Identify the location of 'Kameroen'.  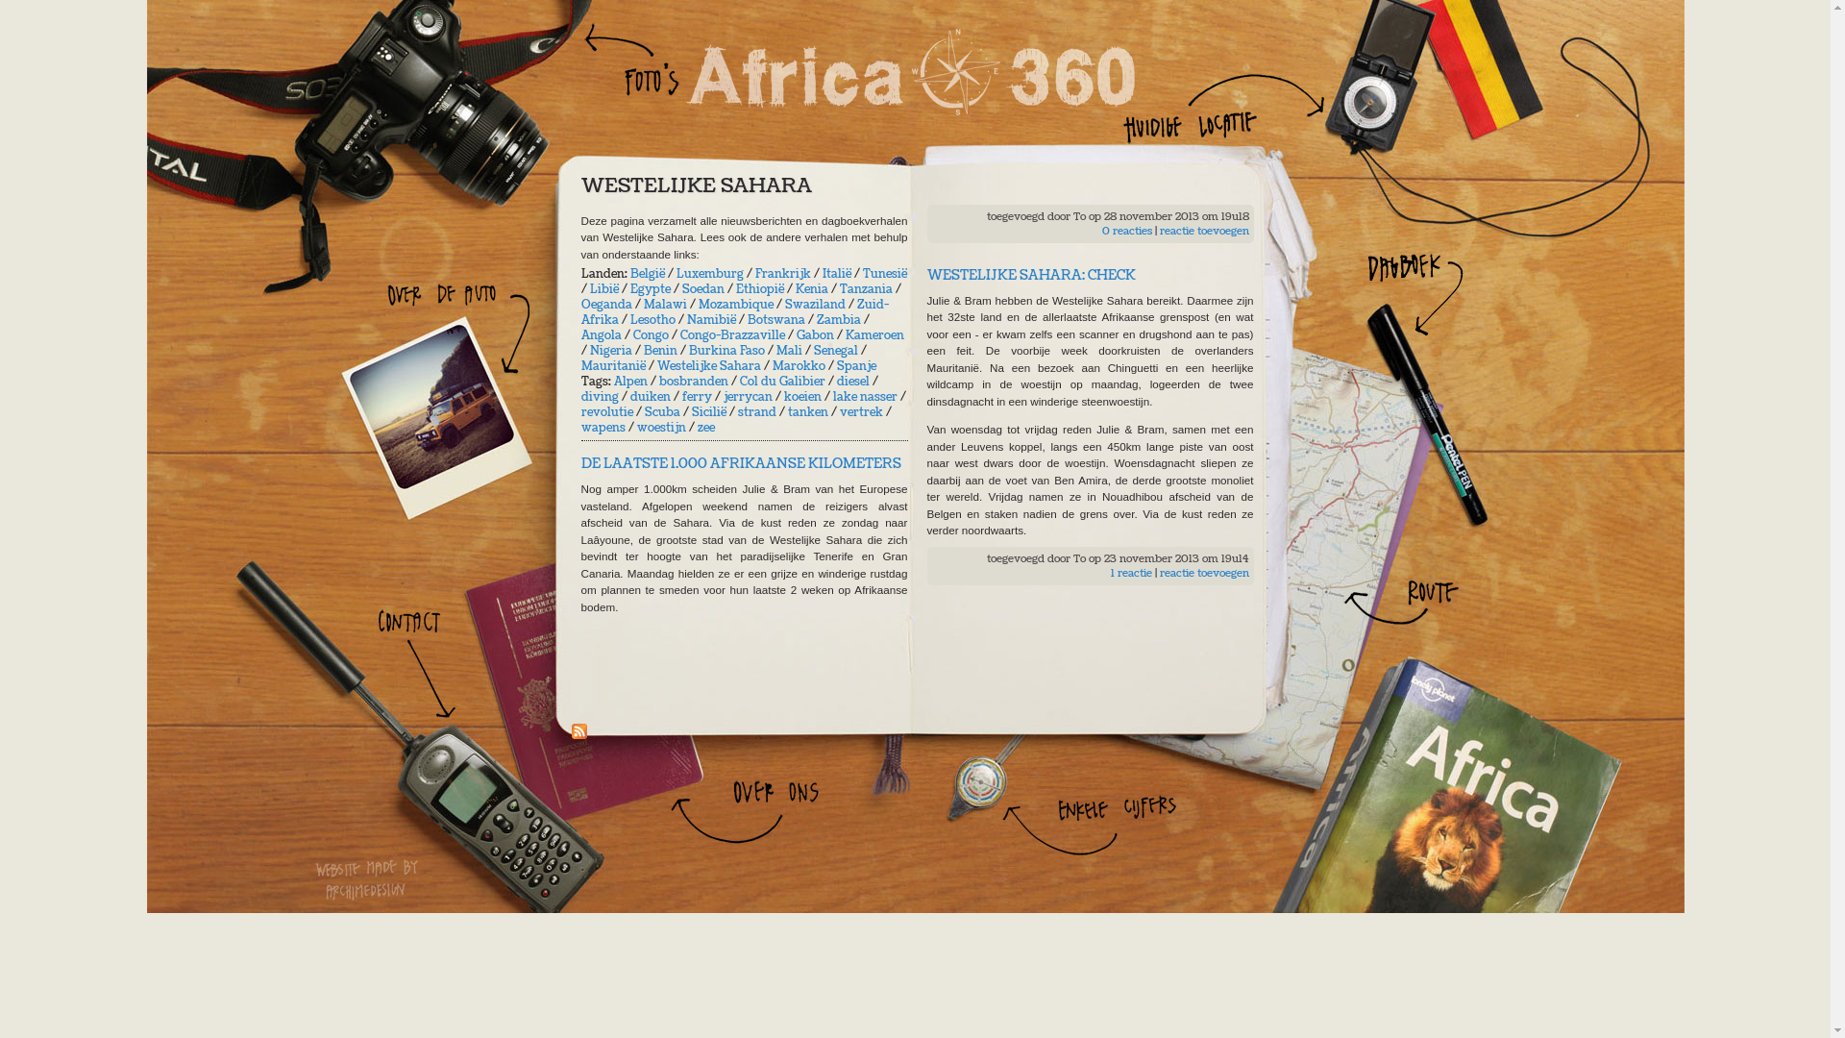
(873, 334).